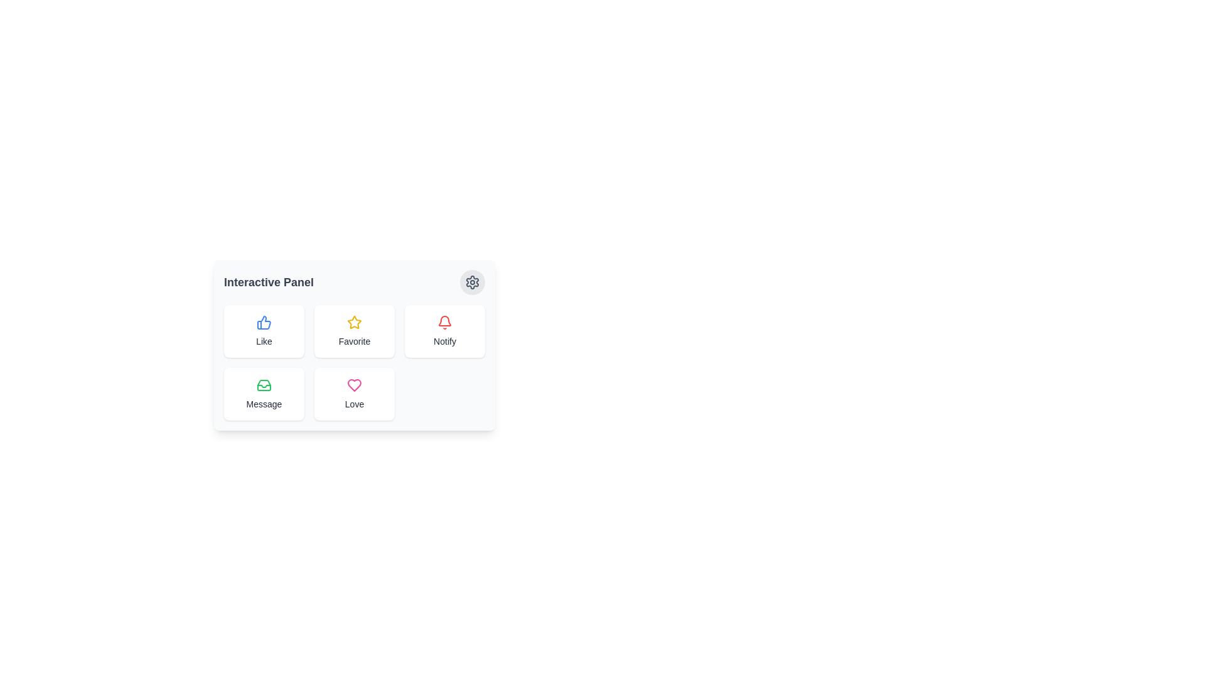  Describe the element at coordinates (264, 341) in the screenshot. I see `the 'Like' text label, which is a small gray font located below the blue thumbs-up icon in the interactive card-style widget` at that location.